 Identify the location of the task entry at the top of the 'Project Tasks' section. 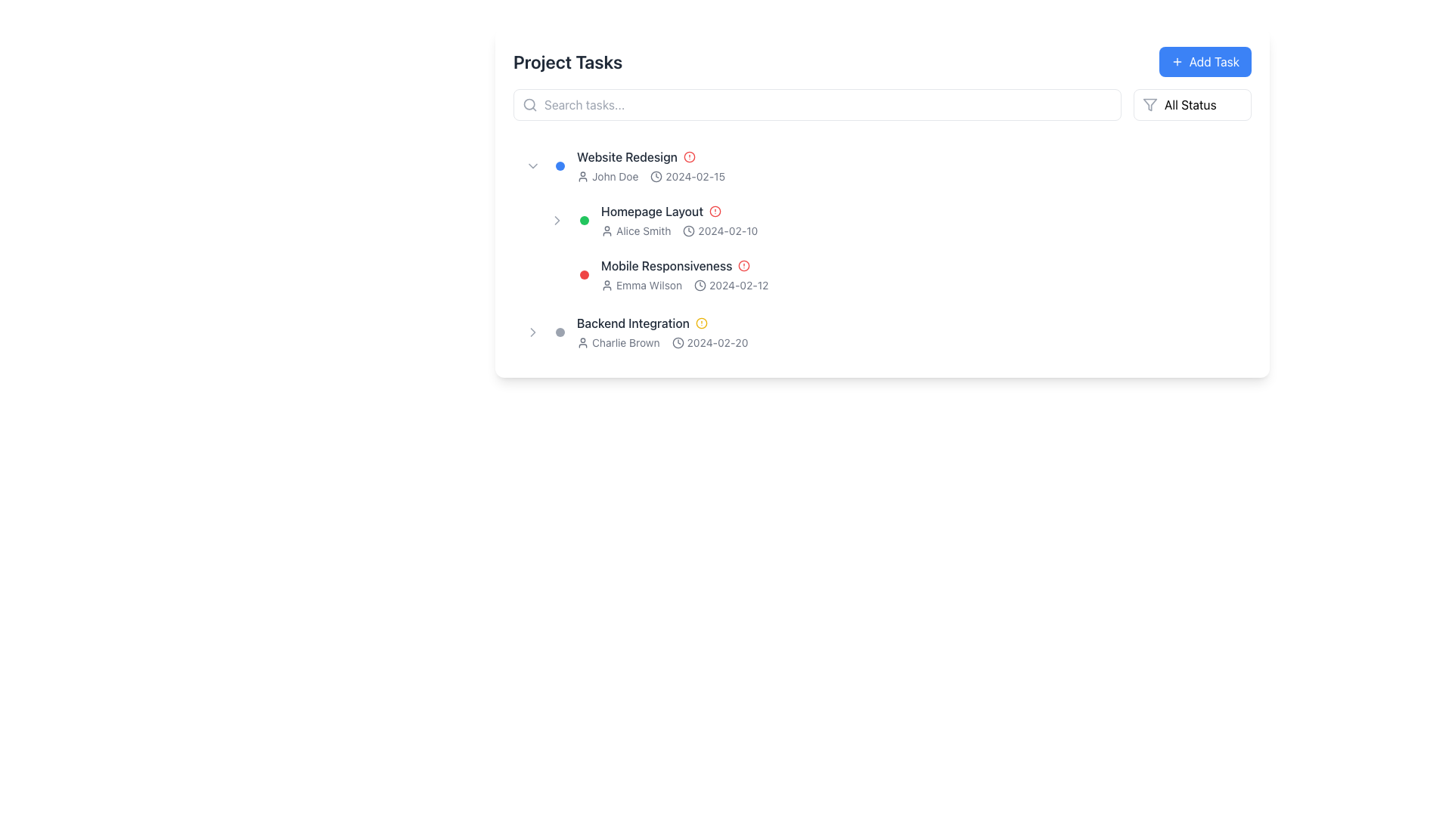
(909, 165).